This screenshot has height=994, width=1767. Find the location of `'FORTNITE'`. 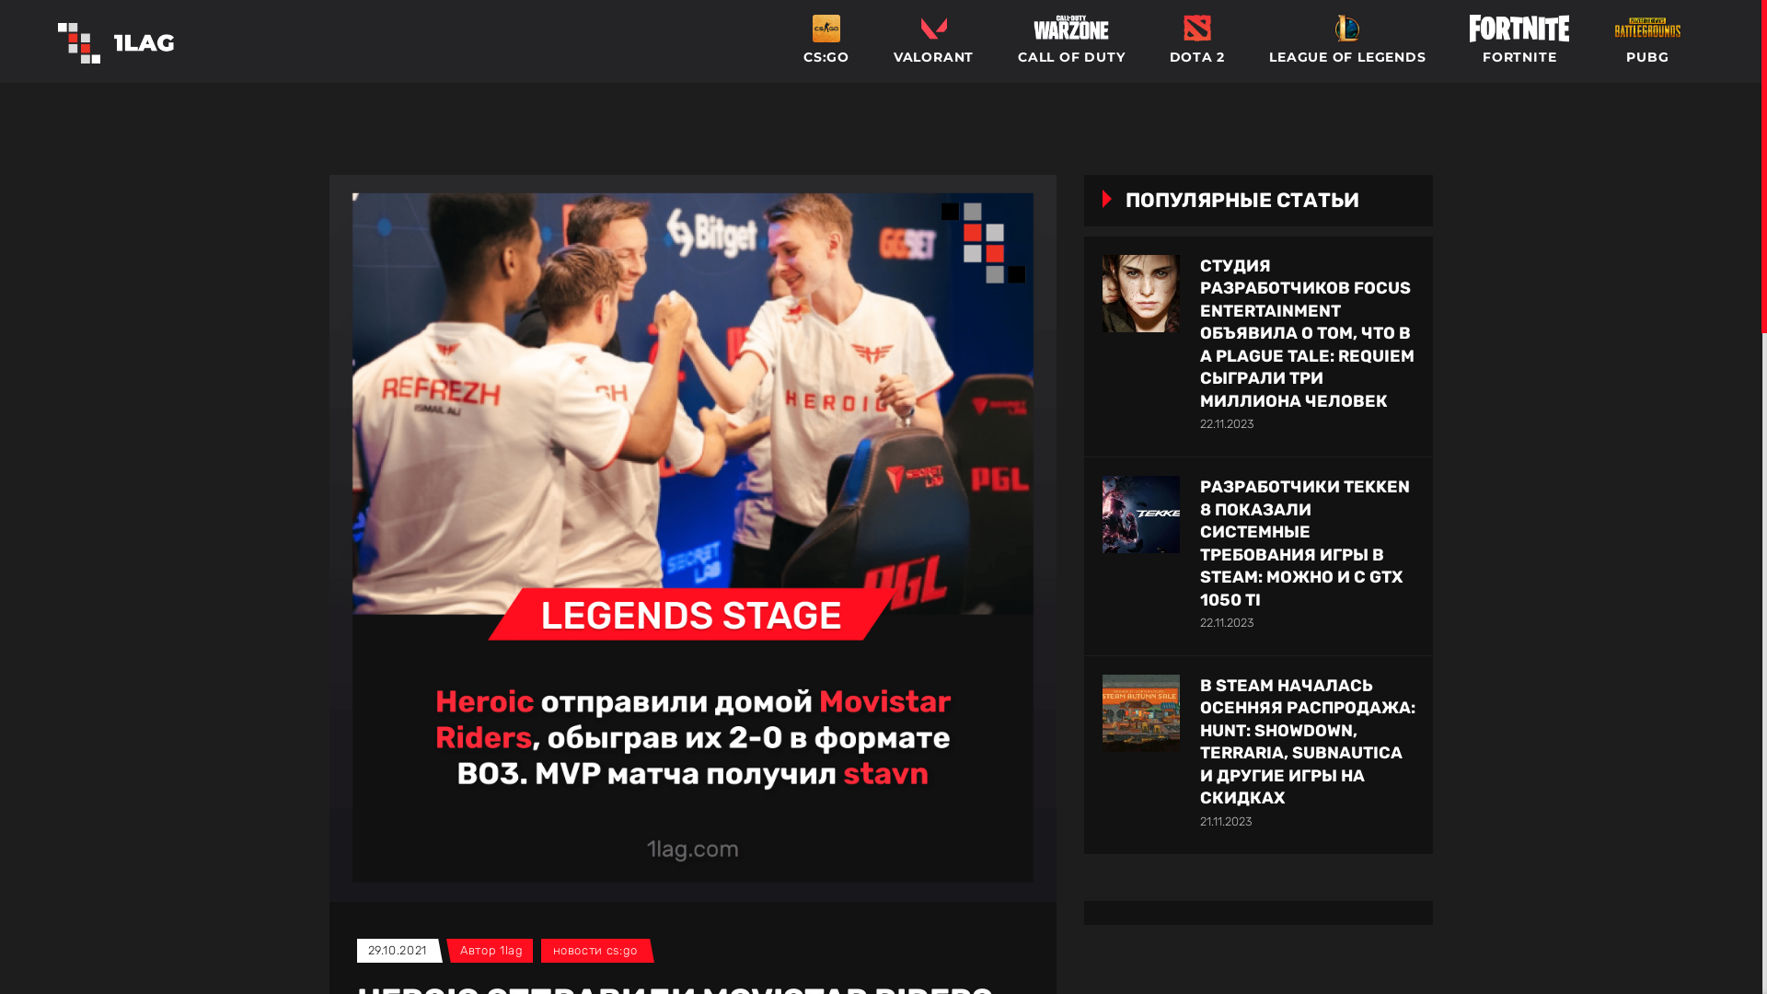

'FORTNITE' is located at coordinates (1519, 41).